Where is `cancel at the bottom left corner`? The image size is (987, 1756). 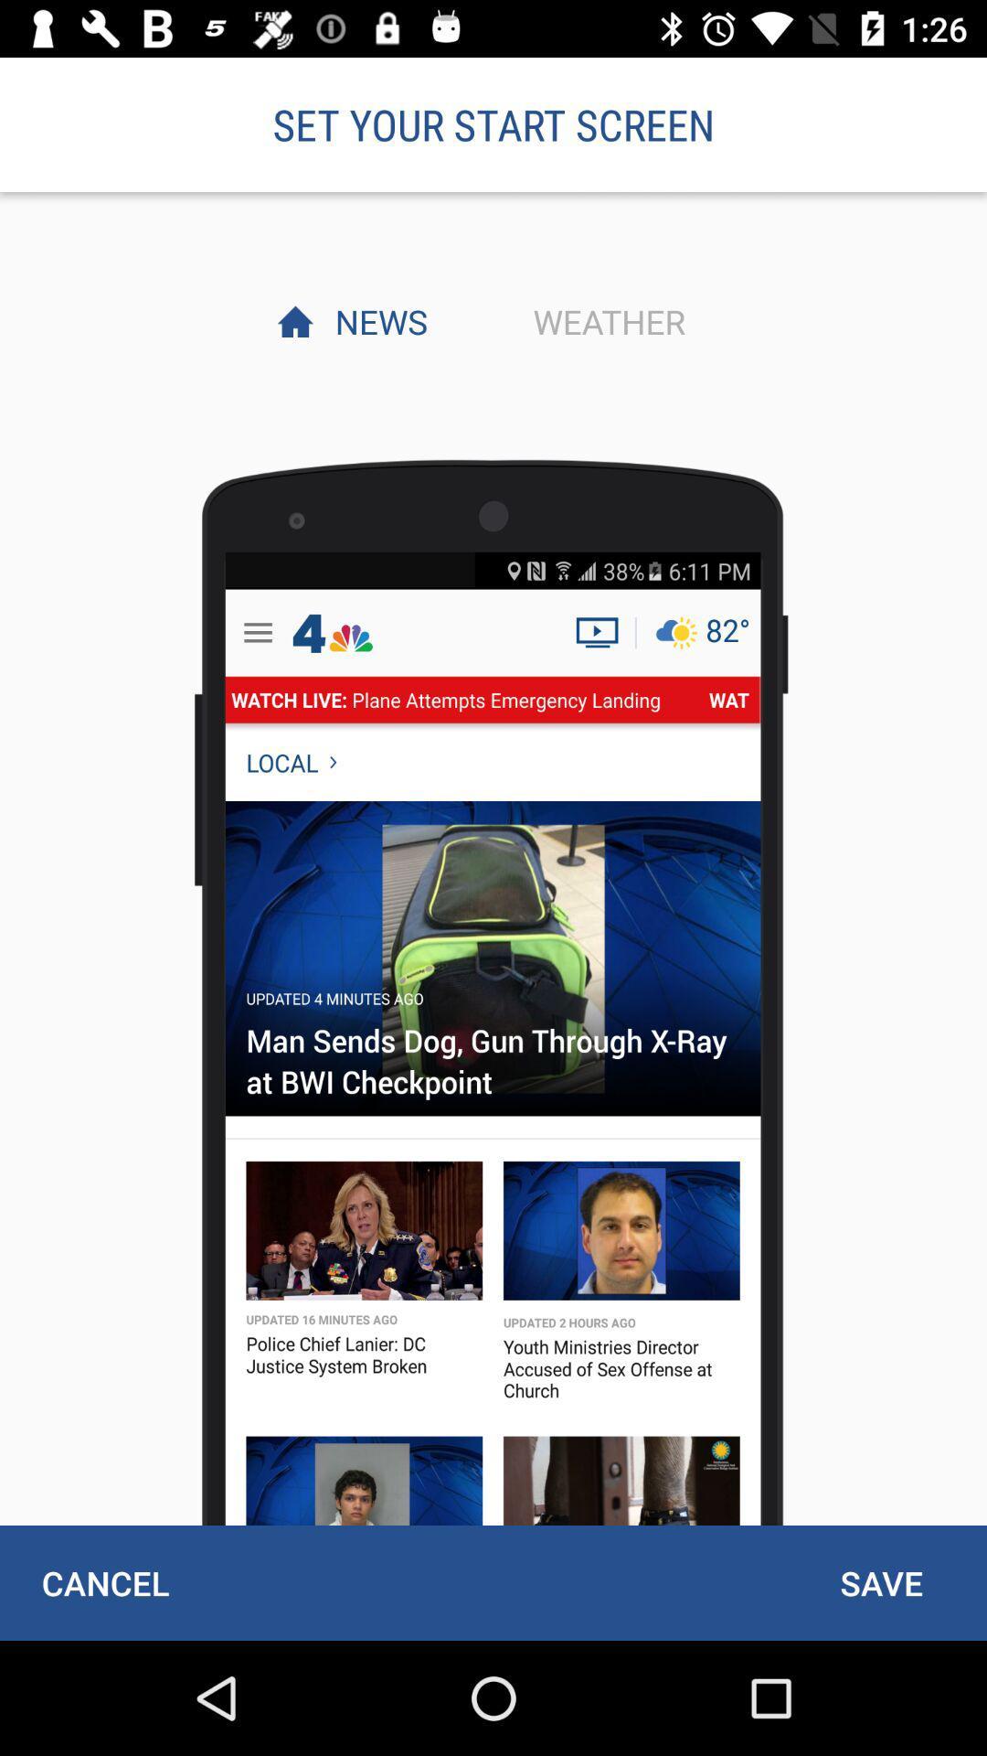
cancel at the bottom left corner is located at coordinates (105, 1582).